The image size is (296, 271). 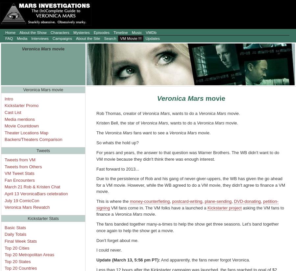 What do you see at coordinates (39, 38) in the screenshot?
I see `'Interviews'` at bounding box center [39, 38].